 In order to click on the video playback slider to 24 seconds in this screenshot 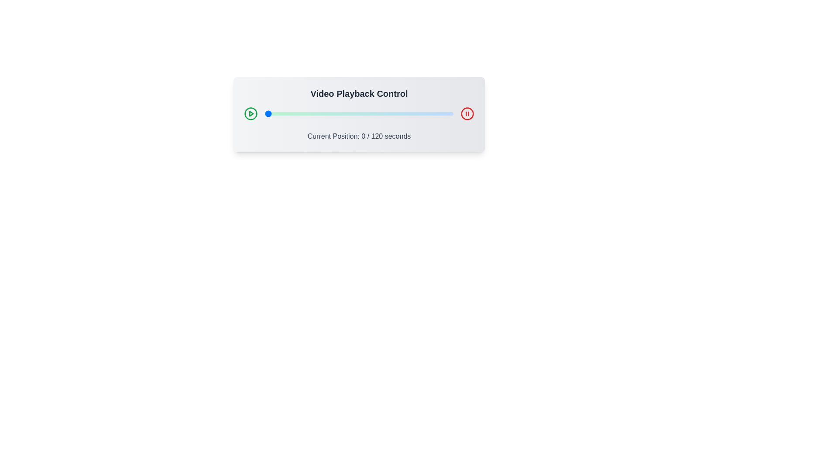, I will do `click(302, 113)`.